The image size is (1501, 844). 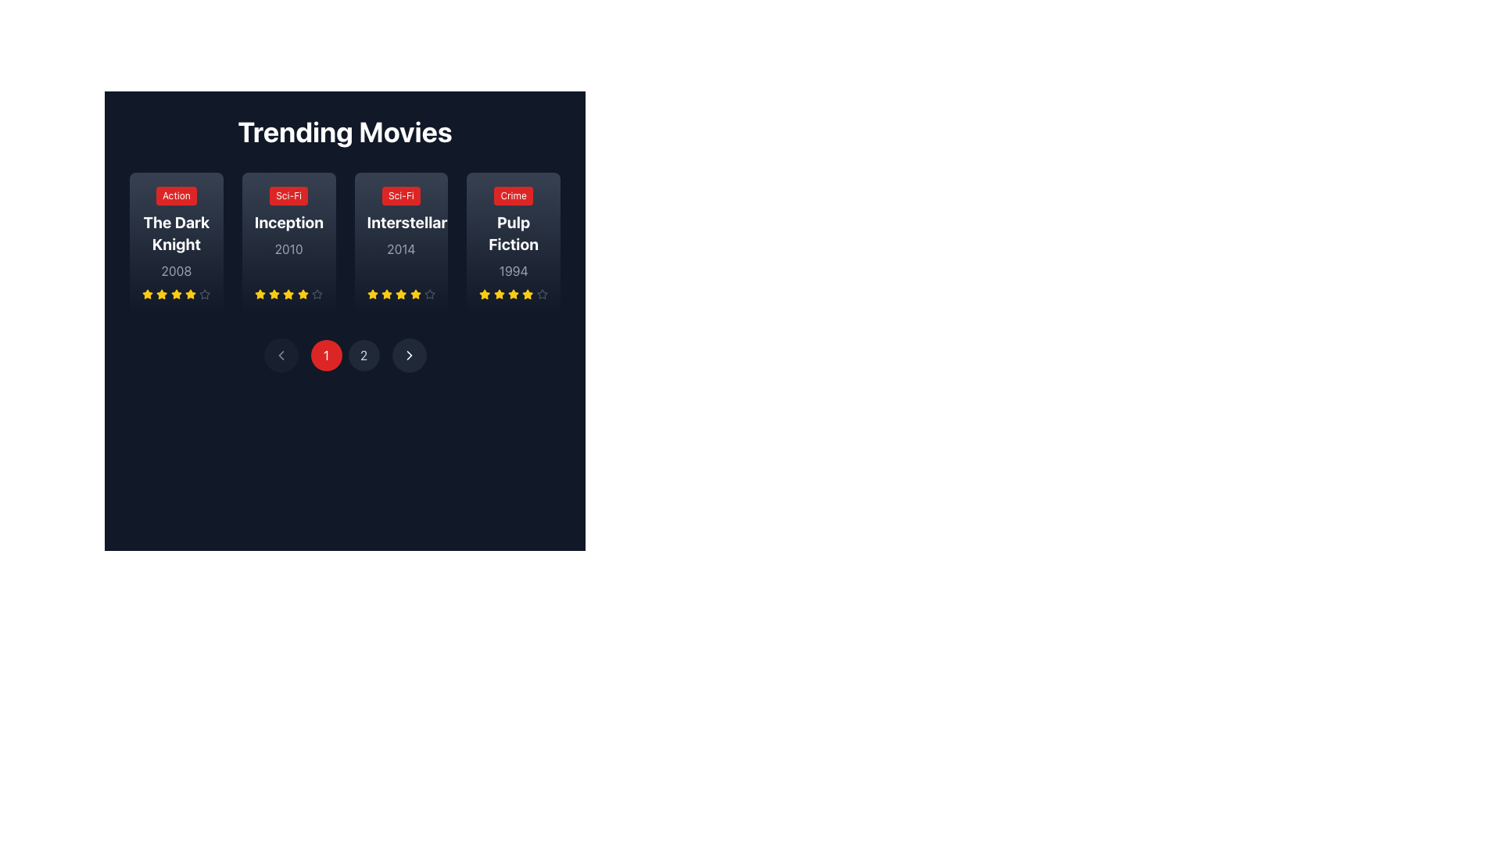 I want to click on the rating display component consisting of five stars, where four stars are yellow and one is gray, located below the '2014' text for the movie 'Interstellar' in the 'Trending Movies' section, so click(x=401, y=294).